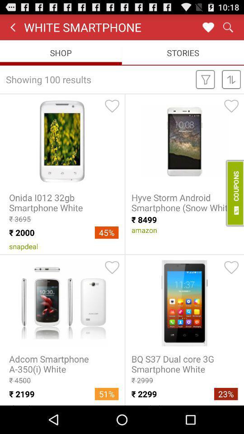 This screenshot has height=434, width=244. What do you see at coordinates (184, 302) in the screenshot?
I see `the second column second image` at bounding box center [184, 302].